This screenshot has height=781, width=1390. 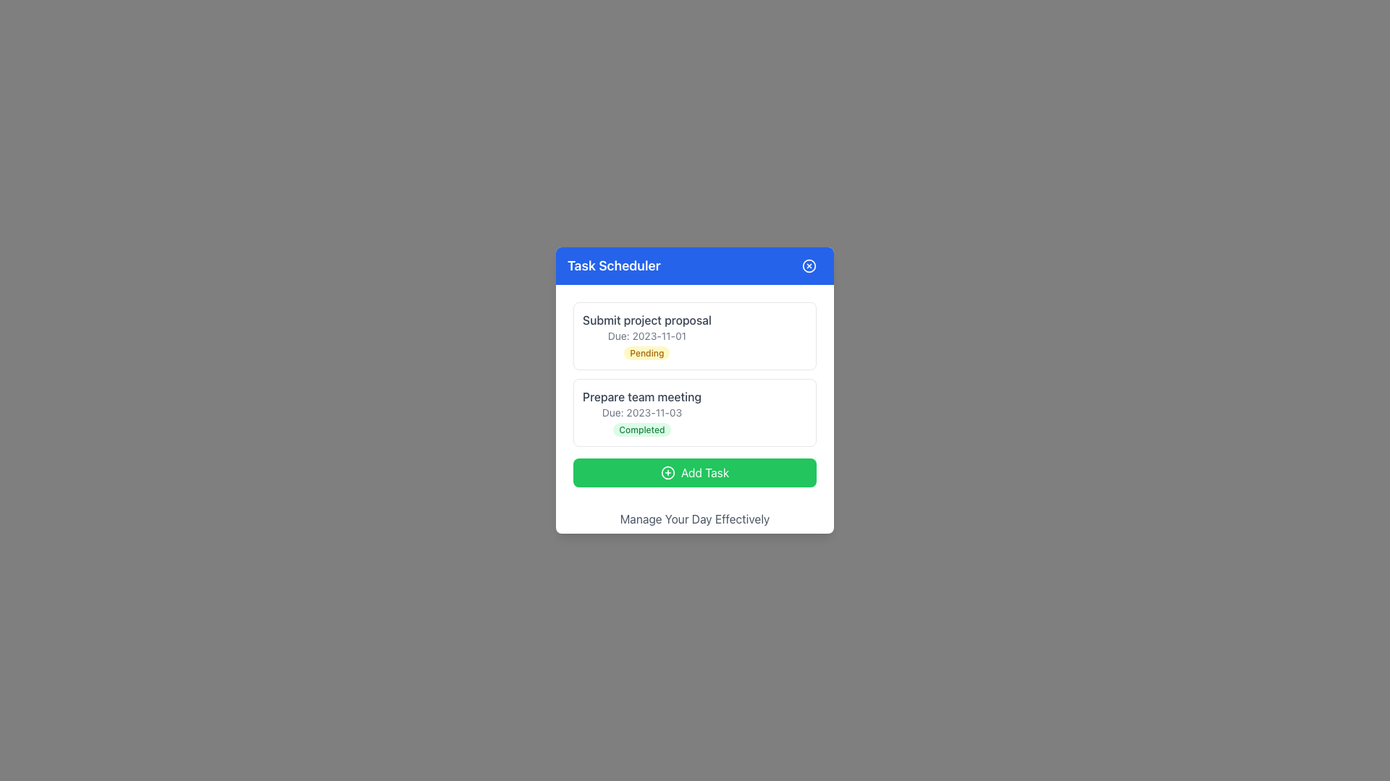 What do you see at coordinates (695, 412) in the screenshot?
I see `the second task card in the Task Scheduler, located directly below the 'Submit project proposal' task` at bounding box center [695, 412].